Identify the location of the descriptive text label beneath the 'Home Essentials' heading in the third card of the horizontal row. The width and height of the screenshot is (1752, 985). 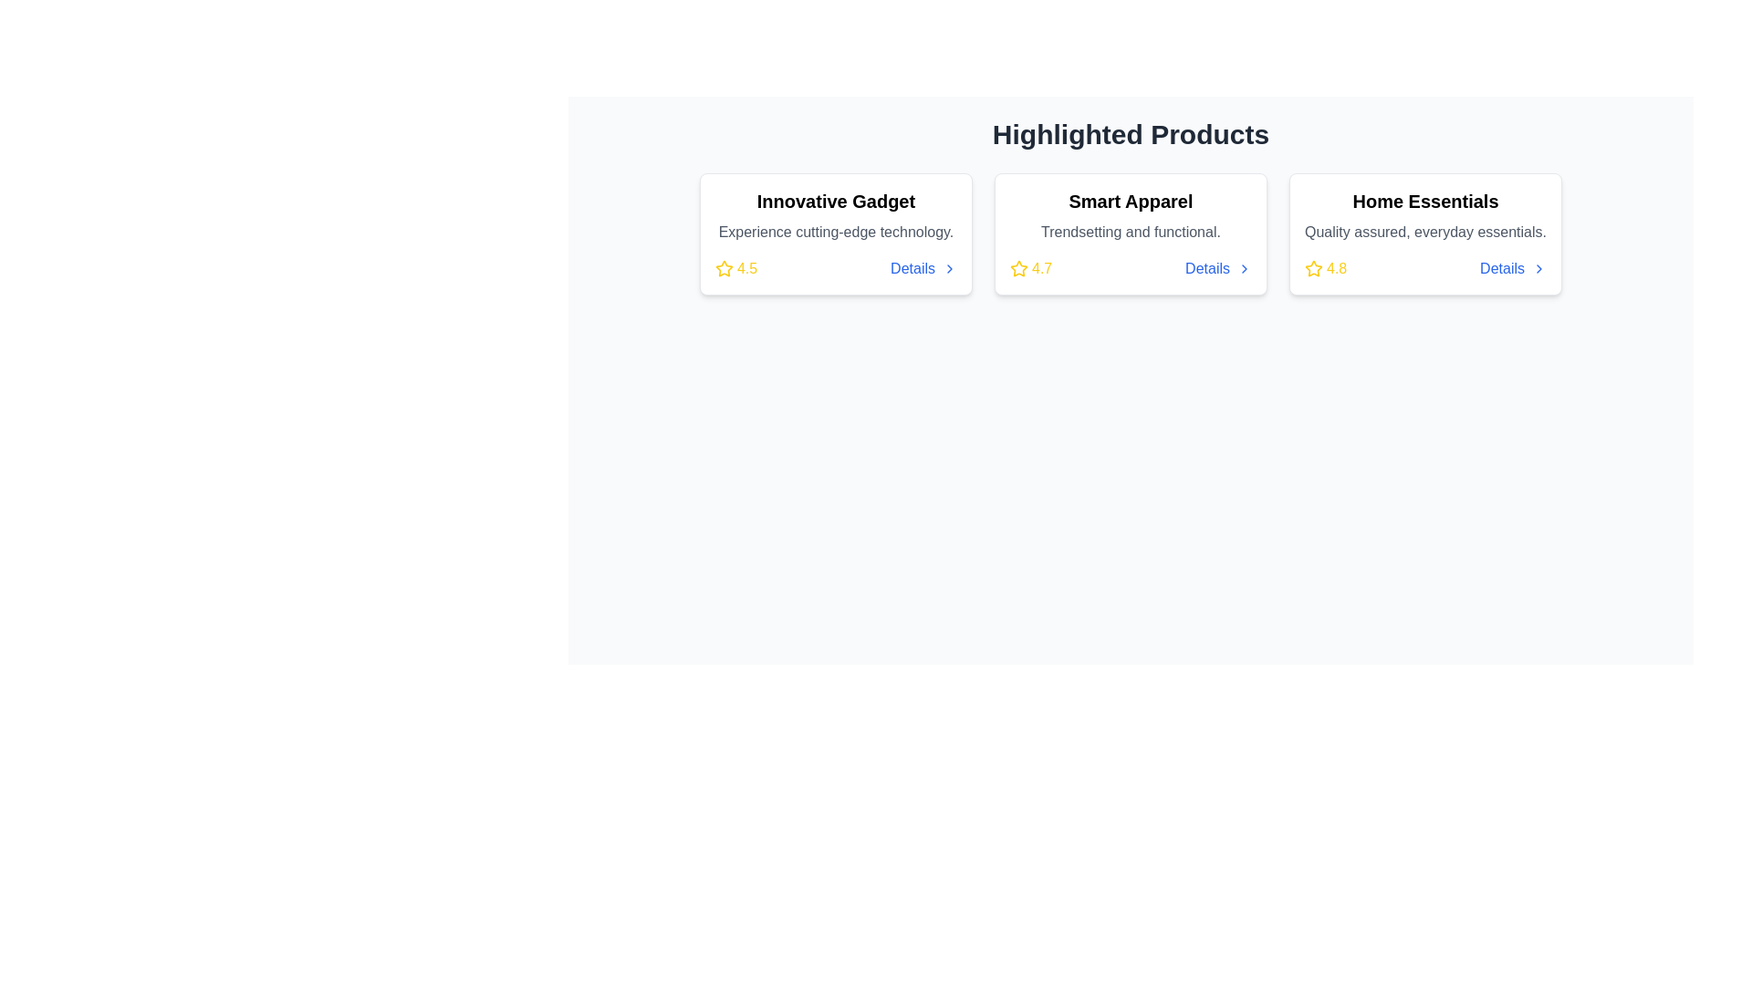
(1424, 231).